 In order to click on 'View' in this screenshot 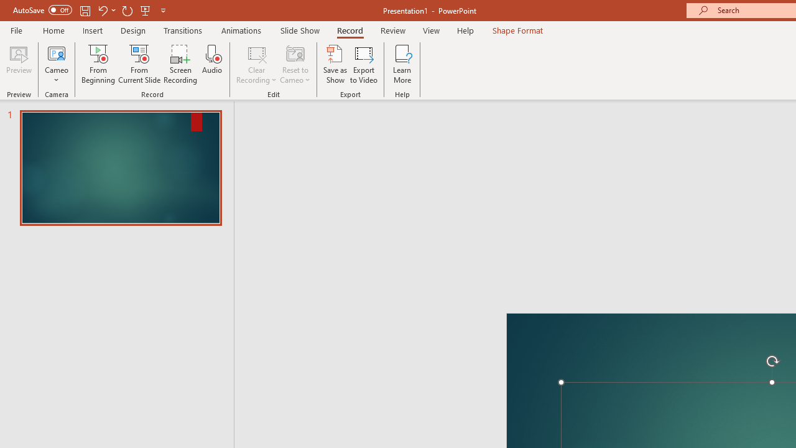, I will do `click(431, 30)`.